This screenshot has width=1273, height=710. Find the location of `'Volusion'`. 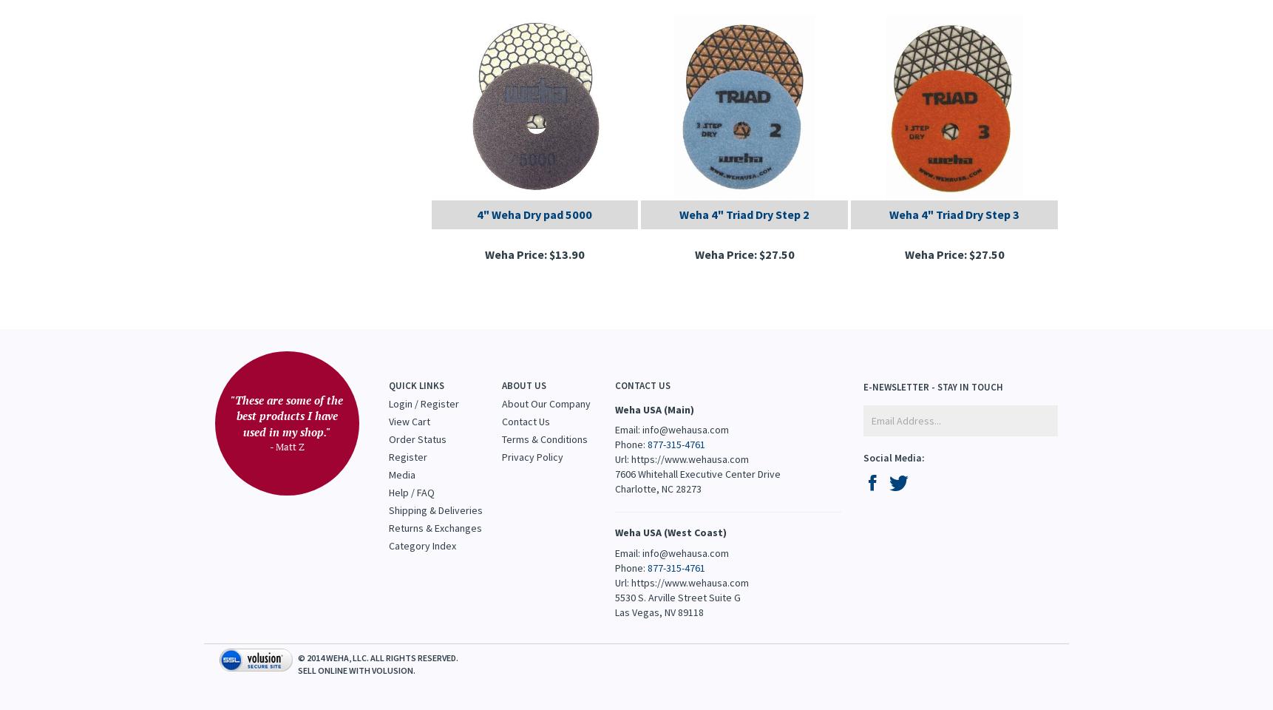

'Volusion' is located at coordinates (393, 669).